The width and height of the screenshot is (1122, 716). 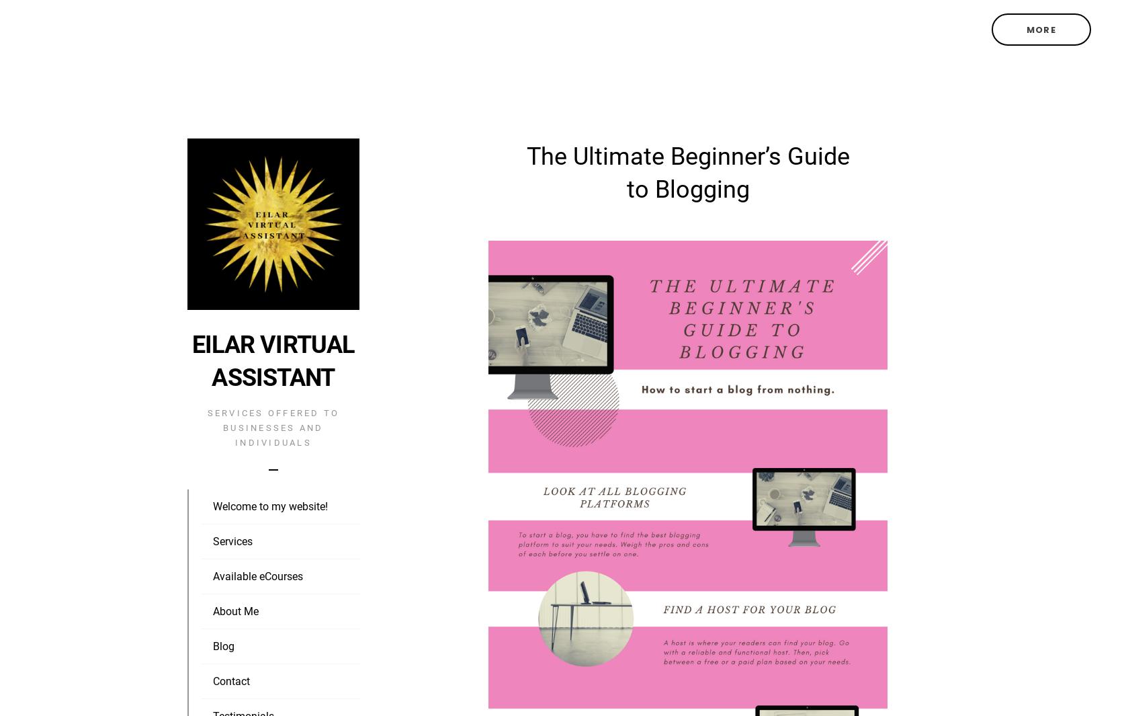 What do you see at coordinates (687, 171) in the screenshot?
I see `'The Ultimate Beginner’s Guide to Blogging'` at bounding box center [687, 171].